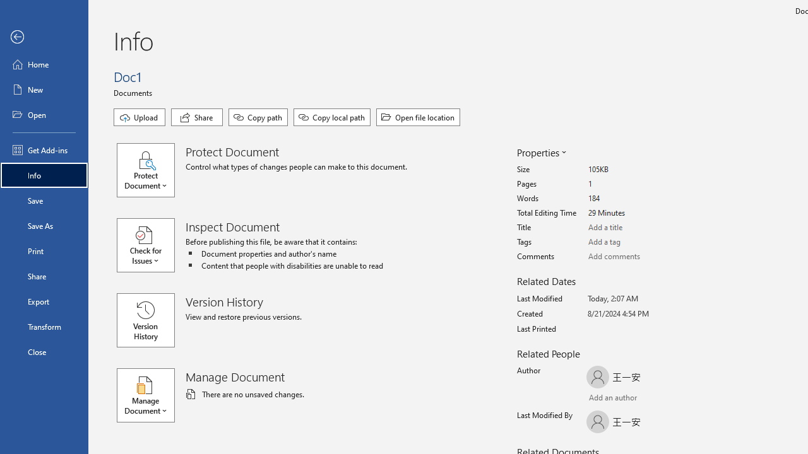 The image size is (808, 454). I want to click on 'Export', so click(44, 301).